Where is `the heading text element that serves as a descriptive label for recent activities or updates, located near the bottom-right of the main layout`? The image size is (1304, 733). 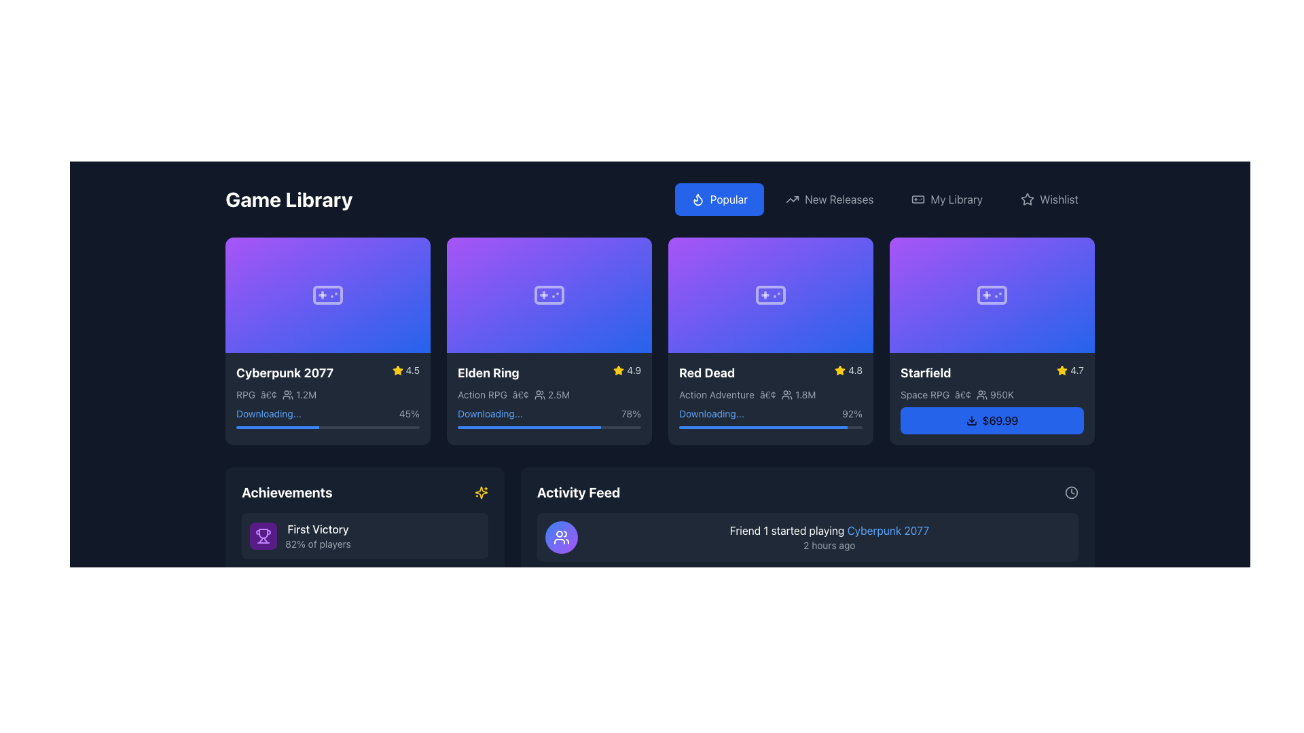
the heading text element that serves as a descriptive label for recent activities or updates, located near the bottom-right of the main layout is located at coordinates (578, 492).